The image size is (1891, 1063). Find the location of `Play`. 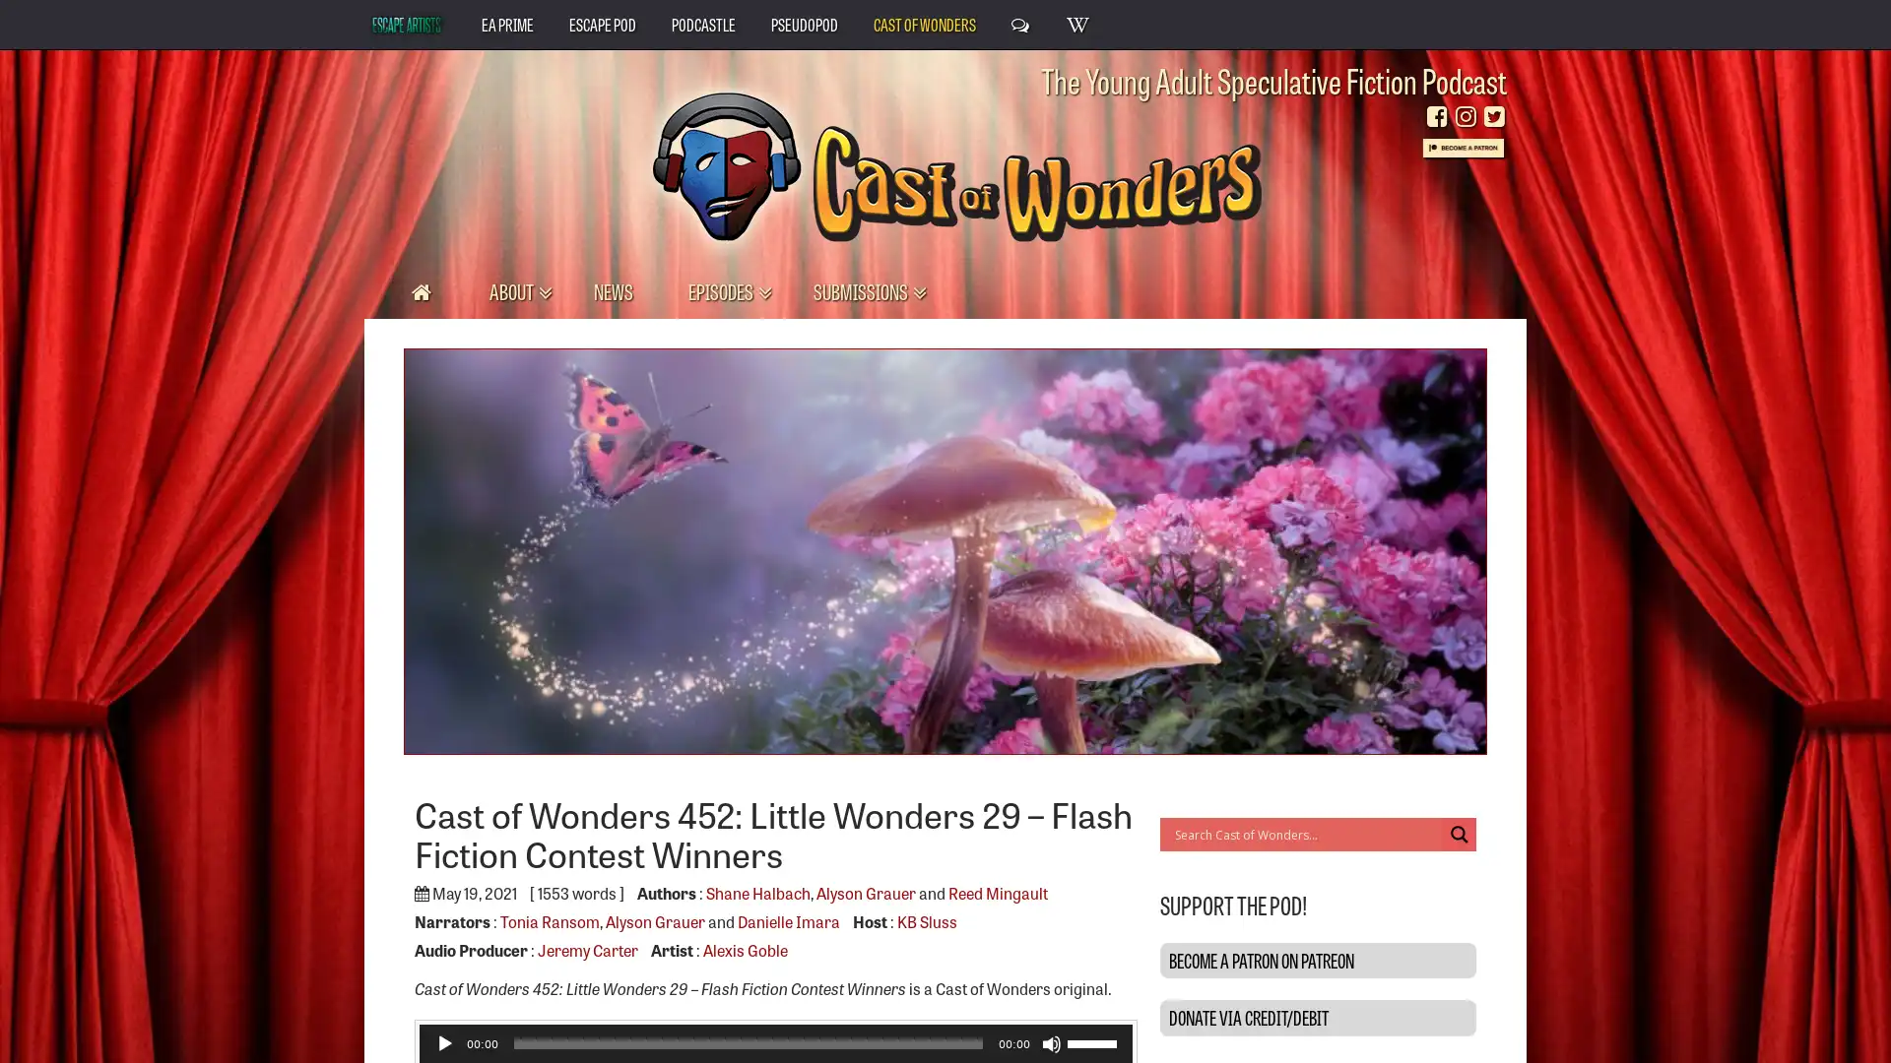

Play is located at coordinates (443, 1042).